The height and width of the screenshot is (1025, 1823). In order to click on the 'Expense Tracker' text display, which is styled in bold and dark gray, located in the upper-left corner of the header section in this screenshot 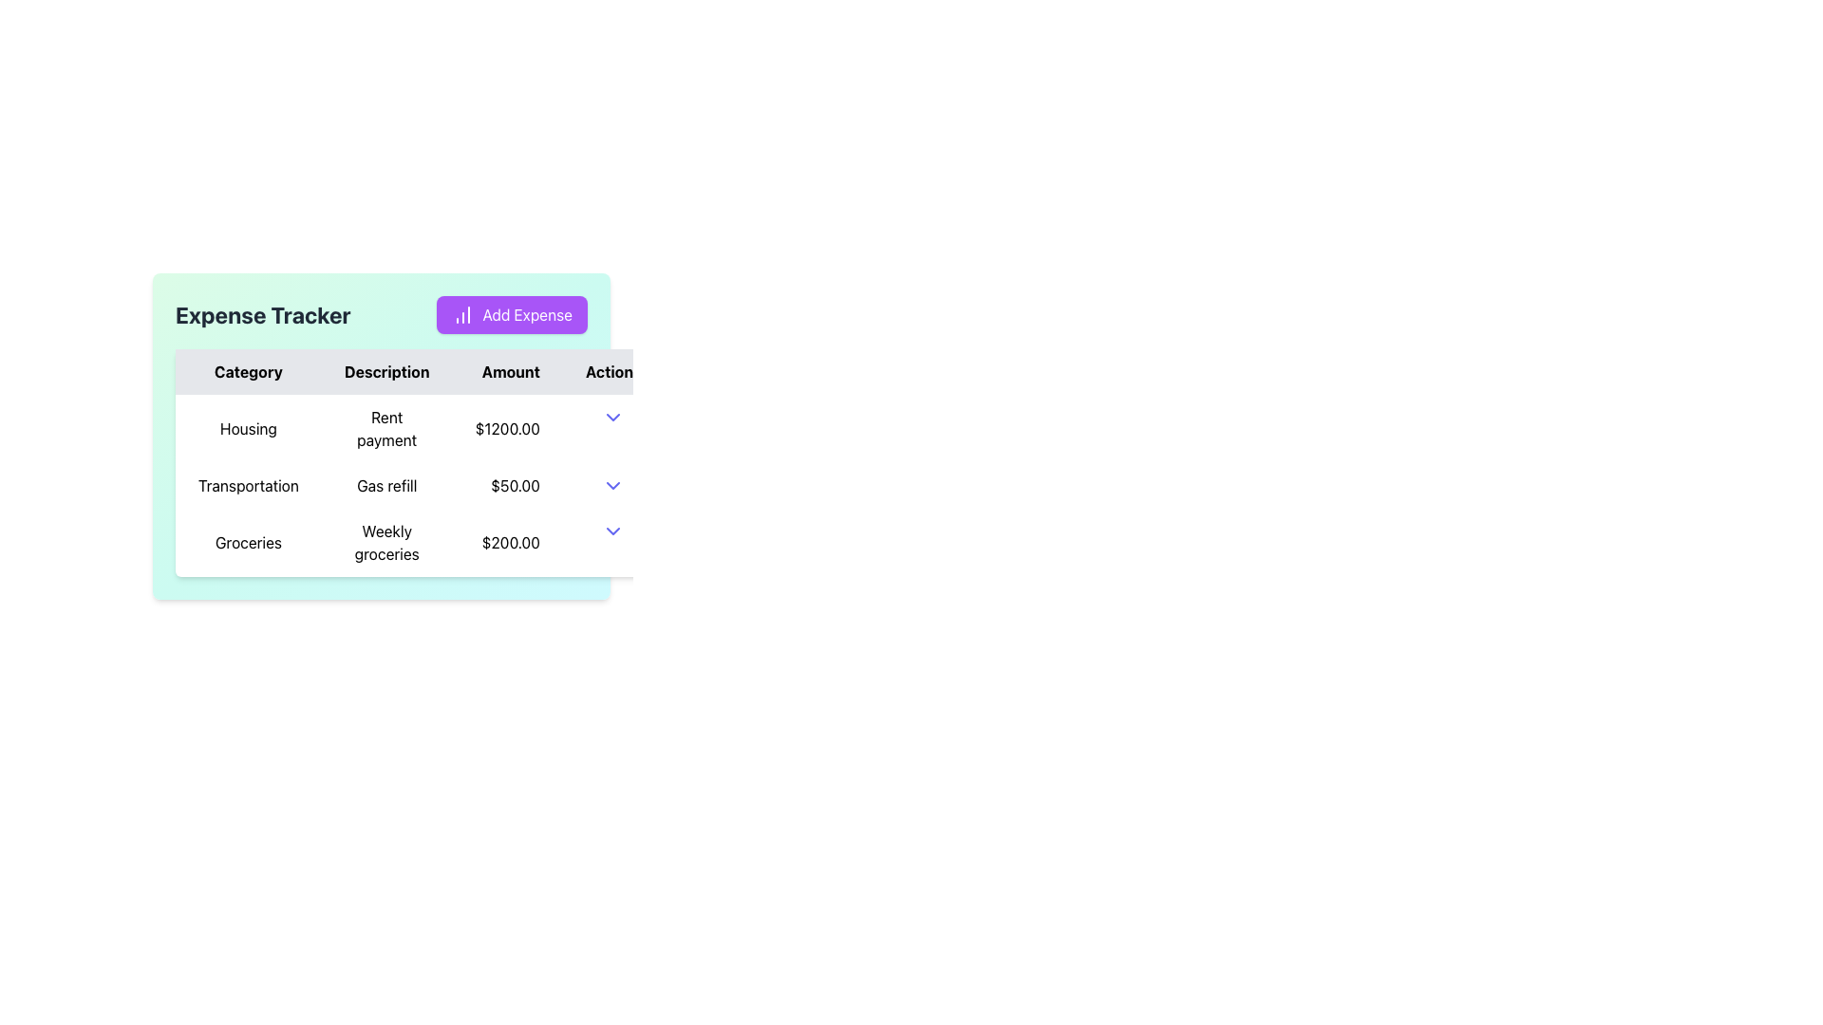, I will do `click(262, 313)`.